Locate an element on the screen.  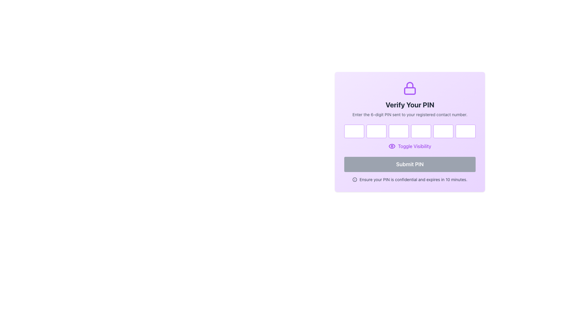
the 'Toggle Visibility' button which has purple text and an eye icon, located centrally in the card above the 'Submit PIN' button is located at coordinates (409, 146).